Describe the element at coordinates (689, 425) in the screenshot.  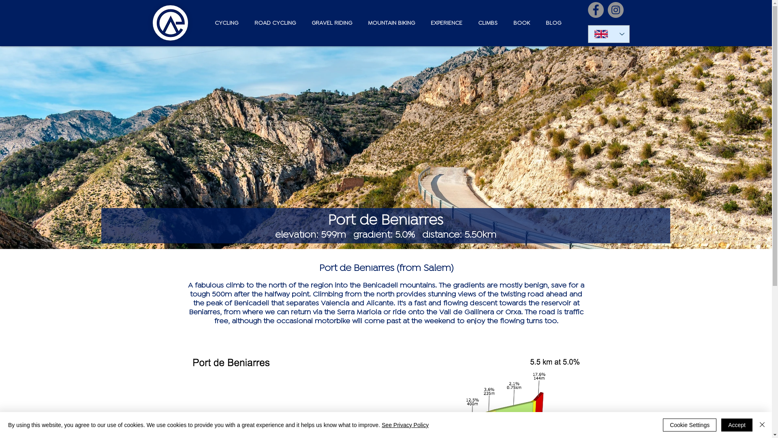
I see `'Cookie Settings'` at that location.